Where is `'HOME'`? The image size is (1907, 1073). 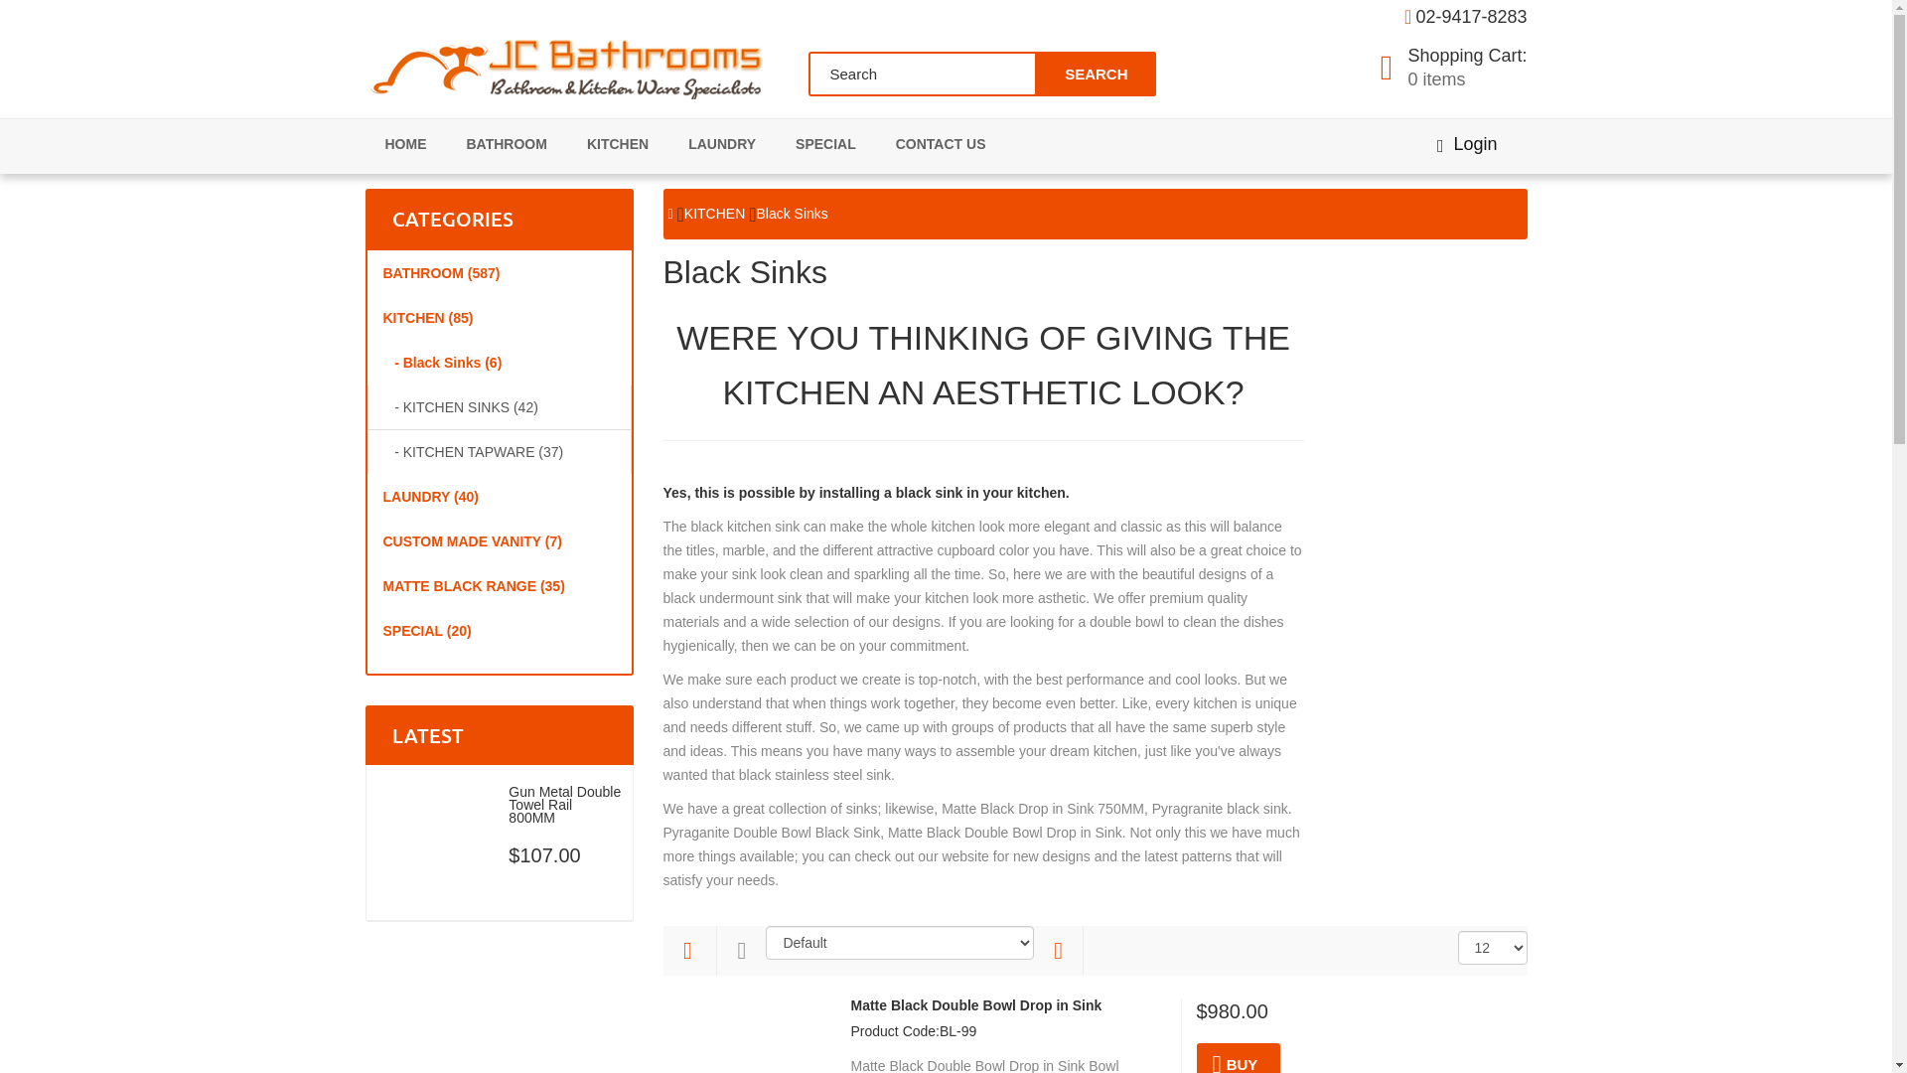 'HOME' is located at coordinates (404, 143).